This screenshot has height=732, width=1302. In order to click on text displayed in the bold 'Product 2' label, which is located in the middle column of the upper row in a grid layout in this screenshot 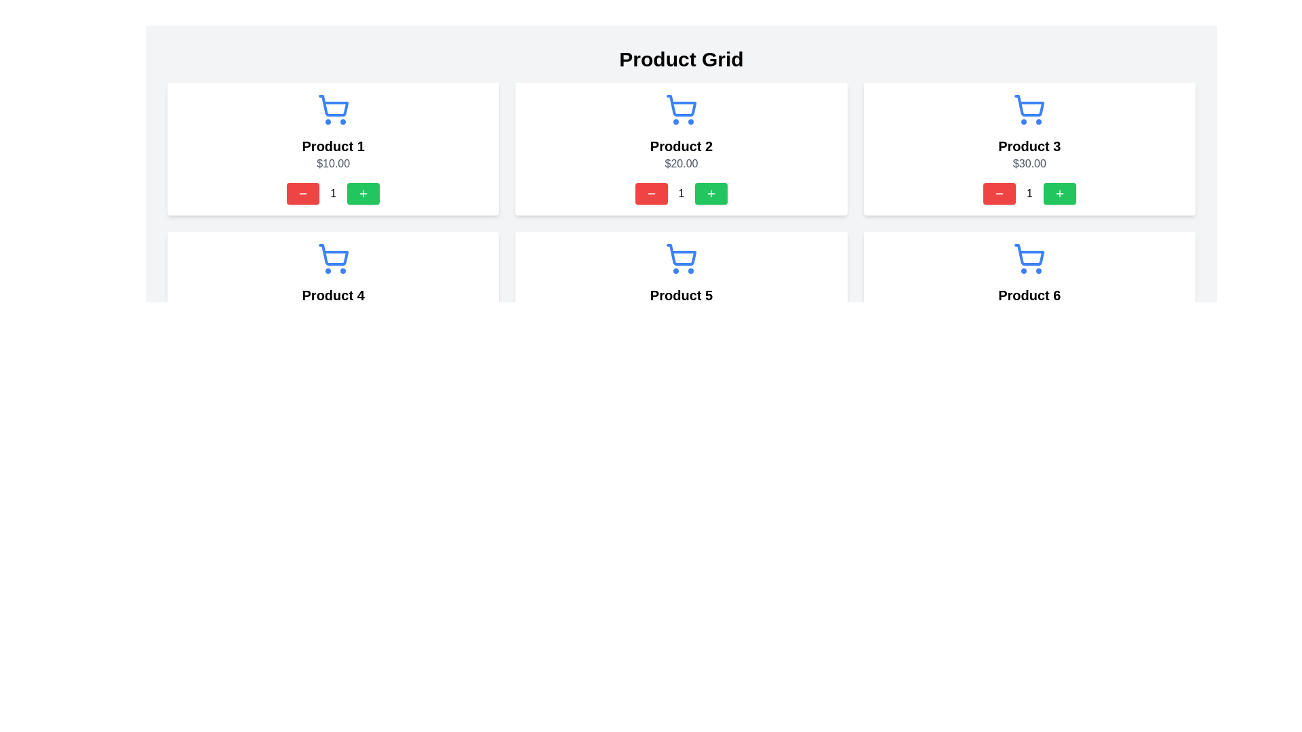, I will do `click(681, 146)`.